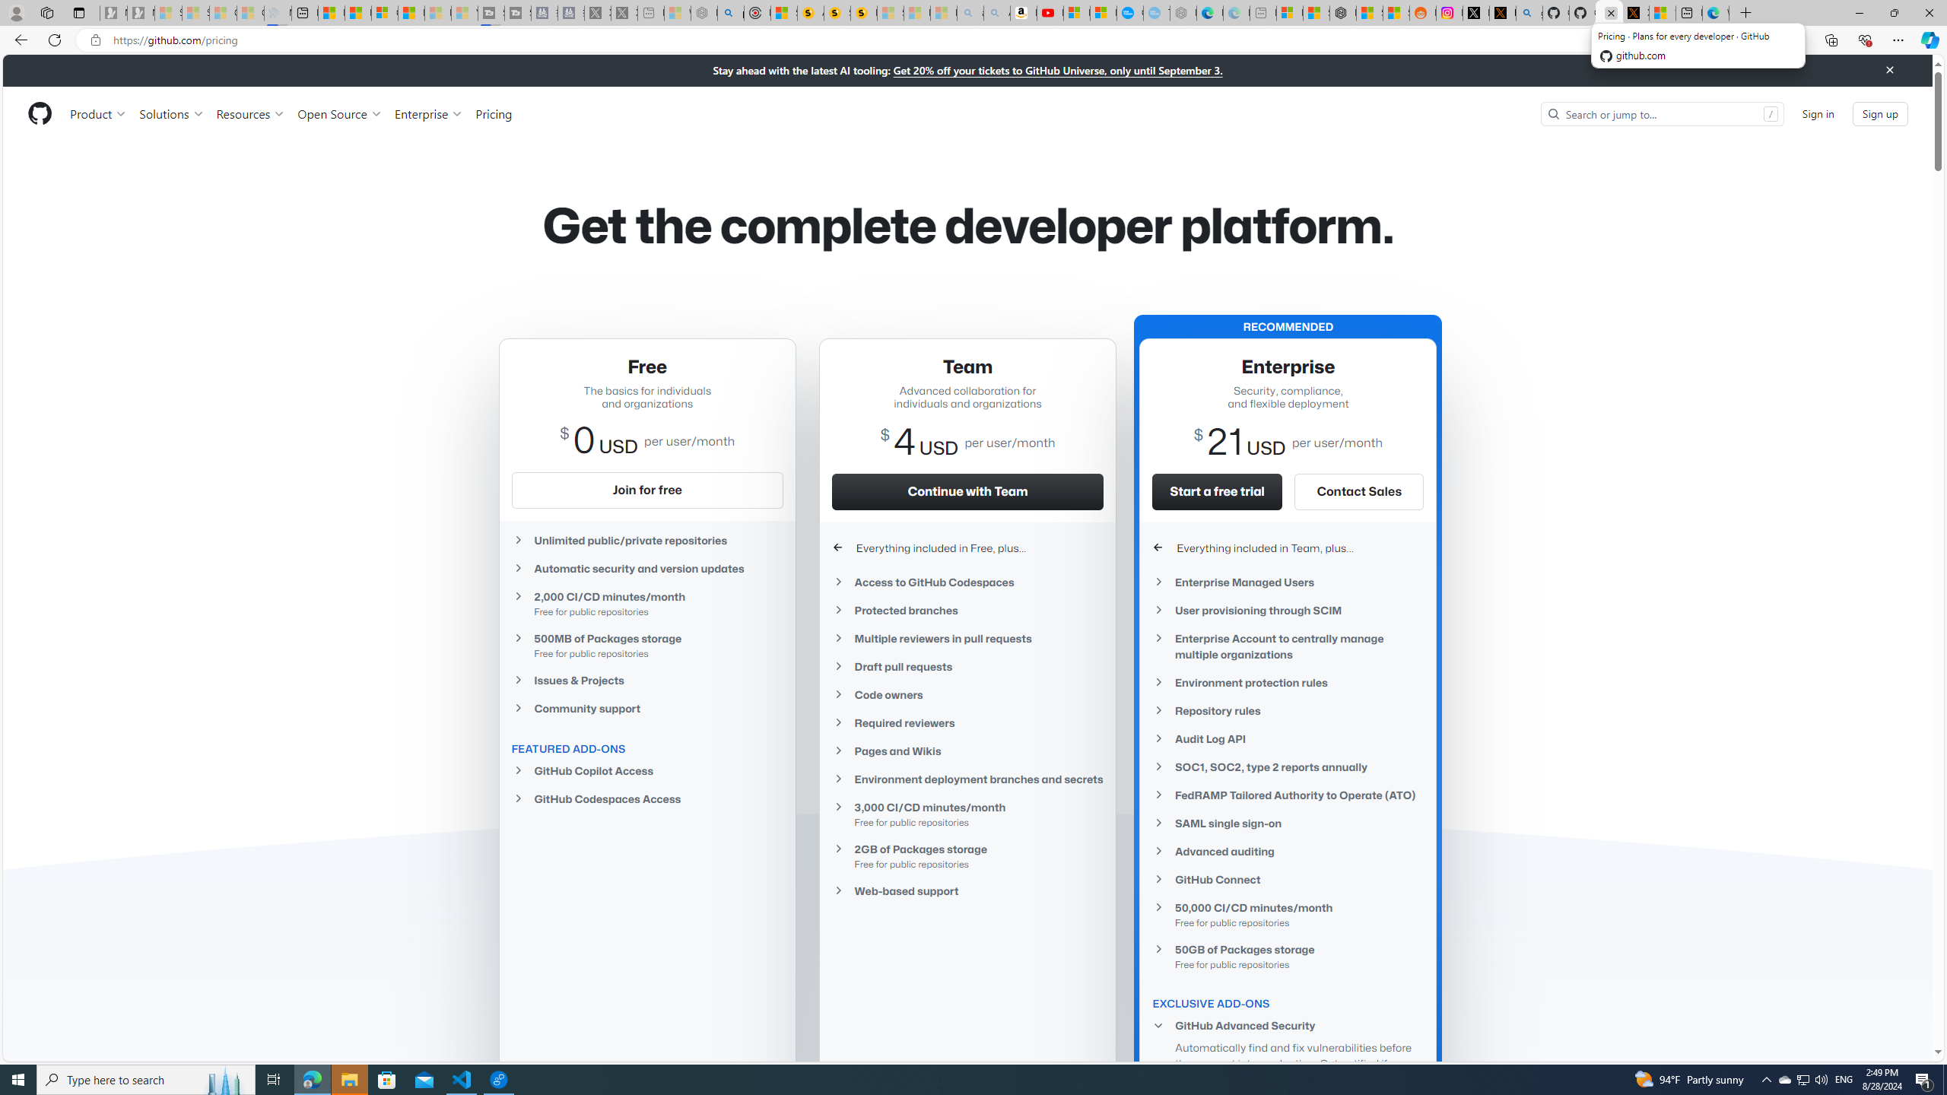 The width and height of the screenshot is (1947, 1095). Describe the element at coordinates (251, 113) in the screenshot. I see `'Resources'` at that location.